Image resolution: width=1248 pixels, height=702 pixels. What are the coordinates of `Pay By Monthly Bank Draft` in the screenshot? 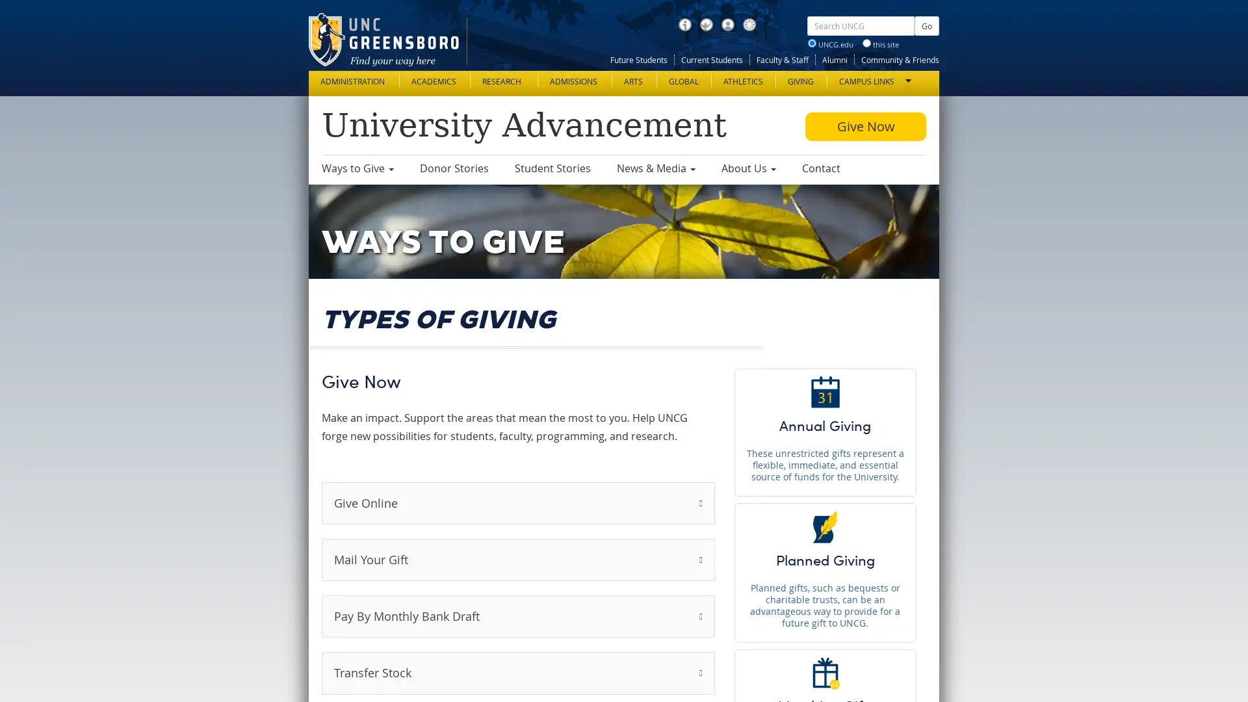 It's located at (517, 616).